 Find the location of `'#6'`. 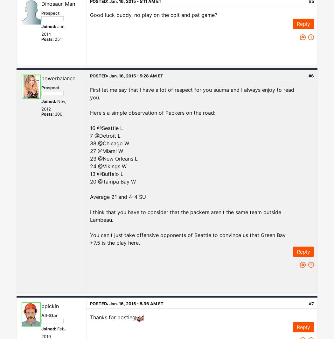

'#6' is located at coordinates (311, 76).